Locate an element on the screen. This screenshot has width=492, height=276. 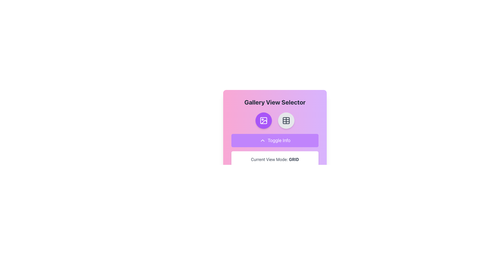
the toggle button containing the collapsible icon is located at coordinates (262, 141).